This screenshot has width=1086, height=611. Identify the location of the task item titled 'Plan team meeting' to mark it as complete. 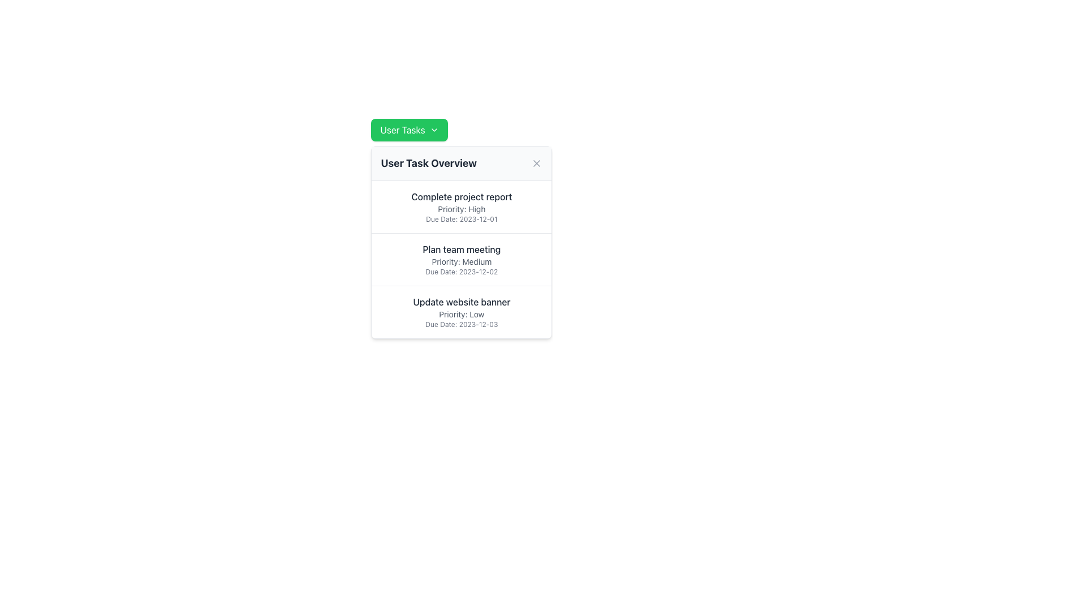
(462, 259).